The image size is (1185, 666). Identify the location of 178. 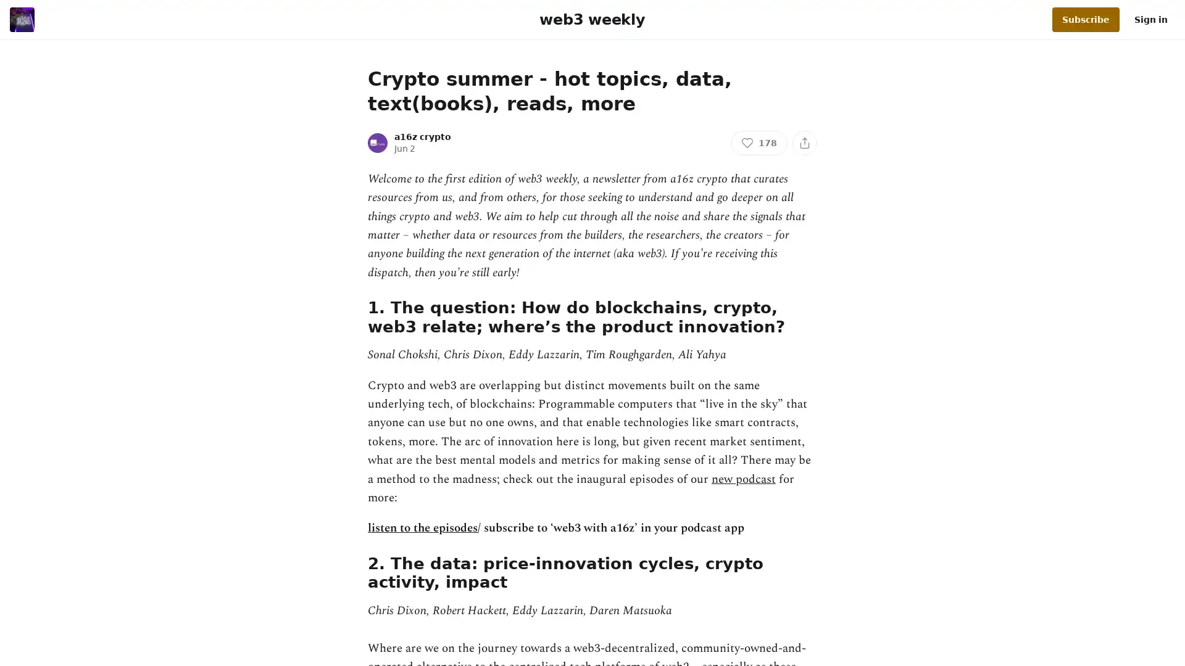
(758, 142).